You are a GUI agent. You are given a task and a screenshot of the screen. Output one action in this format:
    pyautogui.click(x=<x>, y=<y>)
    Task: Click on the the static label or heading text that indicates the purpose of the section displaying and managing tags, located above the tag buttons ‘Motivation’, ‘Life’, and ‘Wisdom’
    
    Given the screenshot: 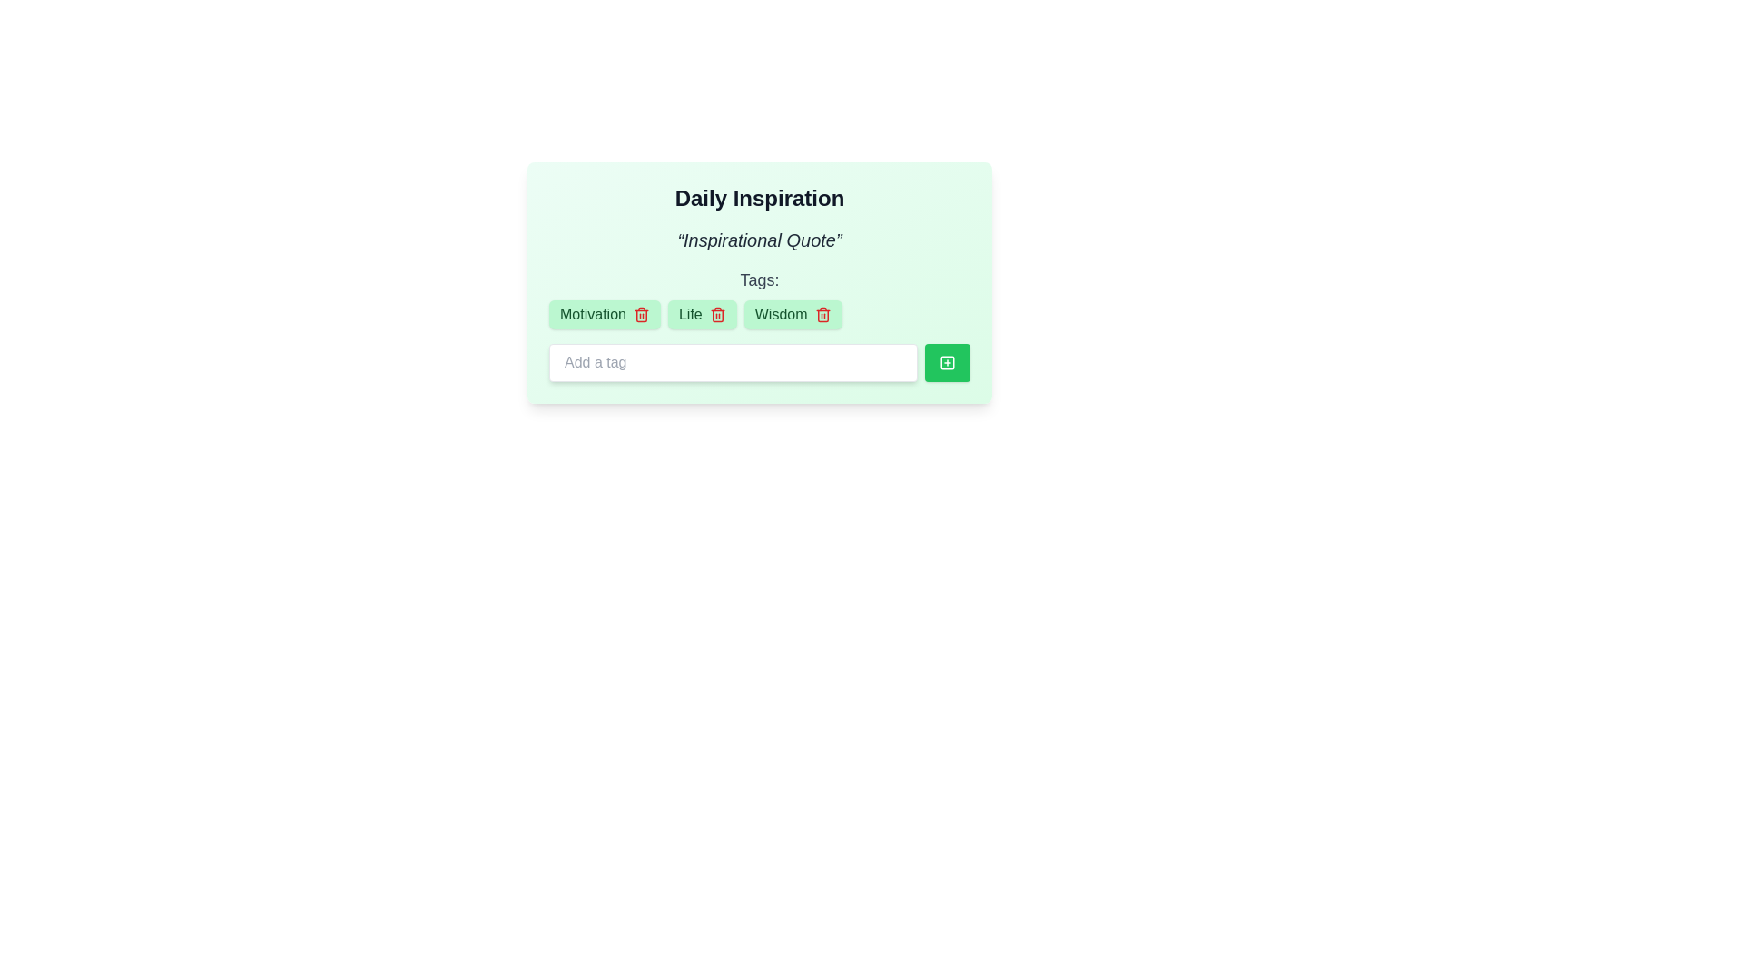 What is the action you would take?
    pyautogui.click(x=759, y=279)
    